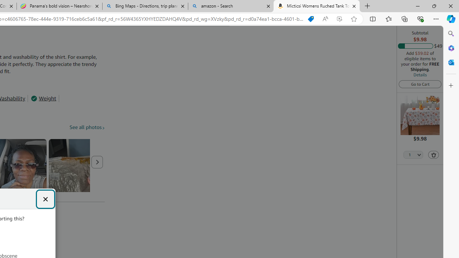 The image size is (459, 258). What do you see at coordinates (339, 19) in the screenshot?
I see `'Enhance video'` at bounding box center [339, 19].